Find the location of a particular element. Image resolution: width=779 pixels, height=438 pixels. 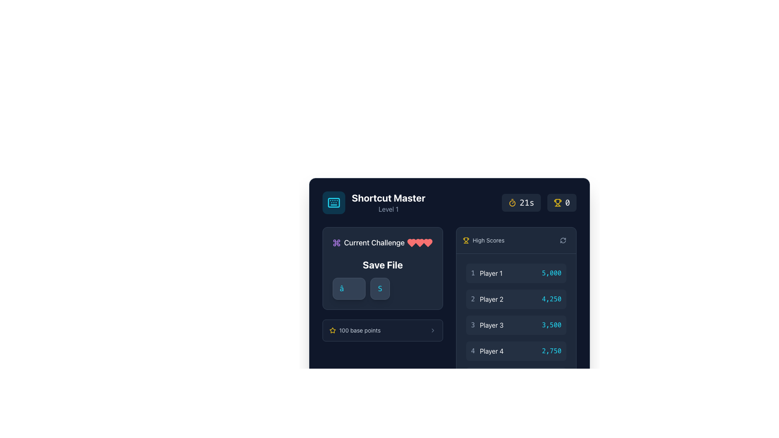

the Text label that identifies the first entry in the 'High Scores' list, located to the right of the numeric label '1' is located at coordinates (491, 273).